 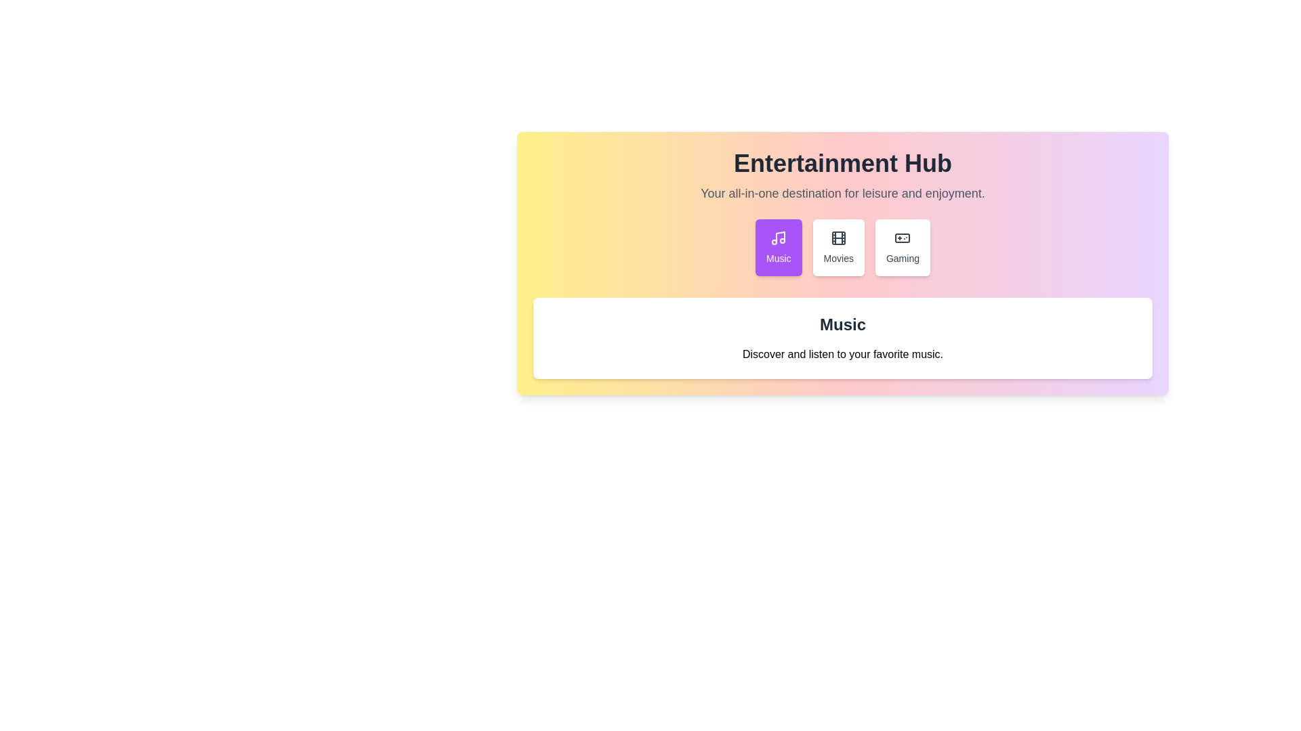 I want to click on the bold heading element labeled 'Entertainment Hub', which is centrally positioned at the top of the interface against a gradient background, so click(x=842, y=162).